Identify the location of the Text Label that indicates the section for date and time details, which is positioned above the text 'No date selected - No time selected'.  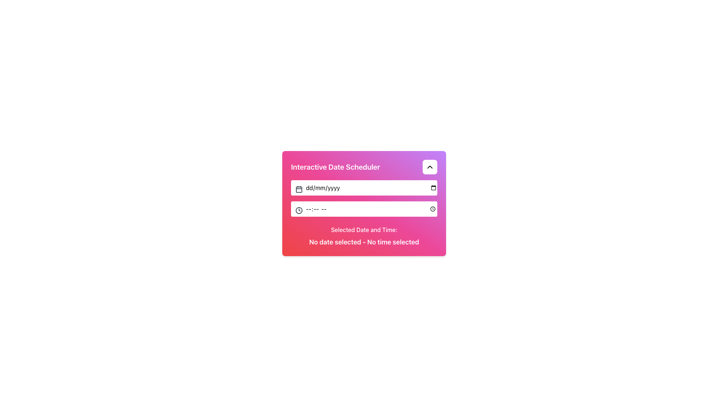
(364, 229).